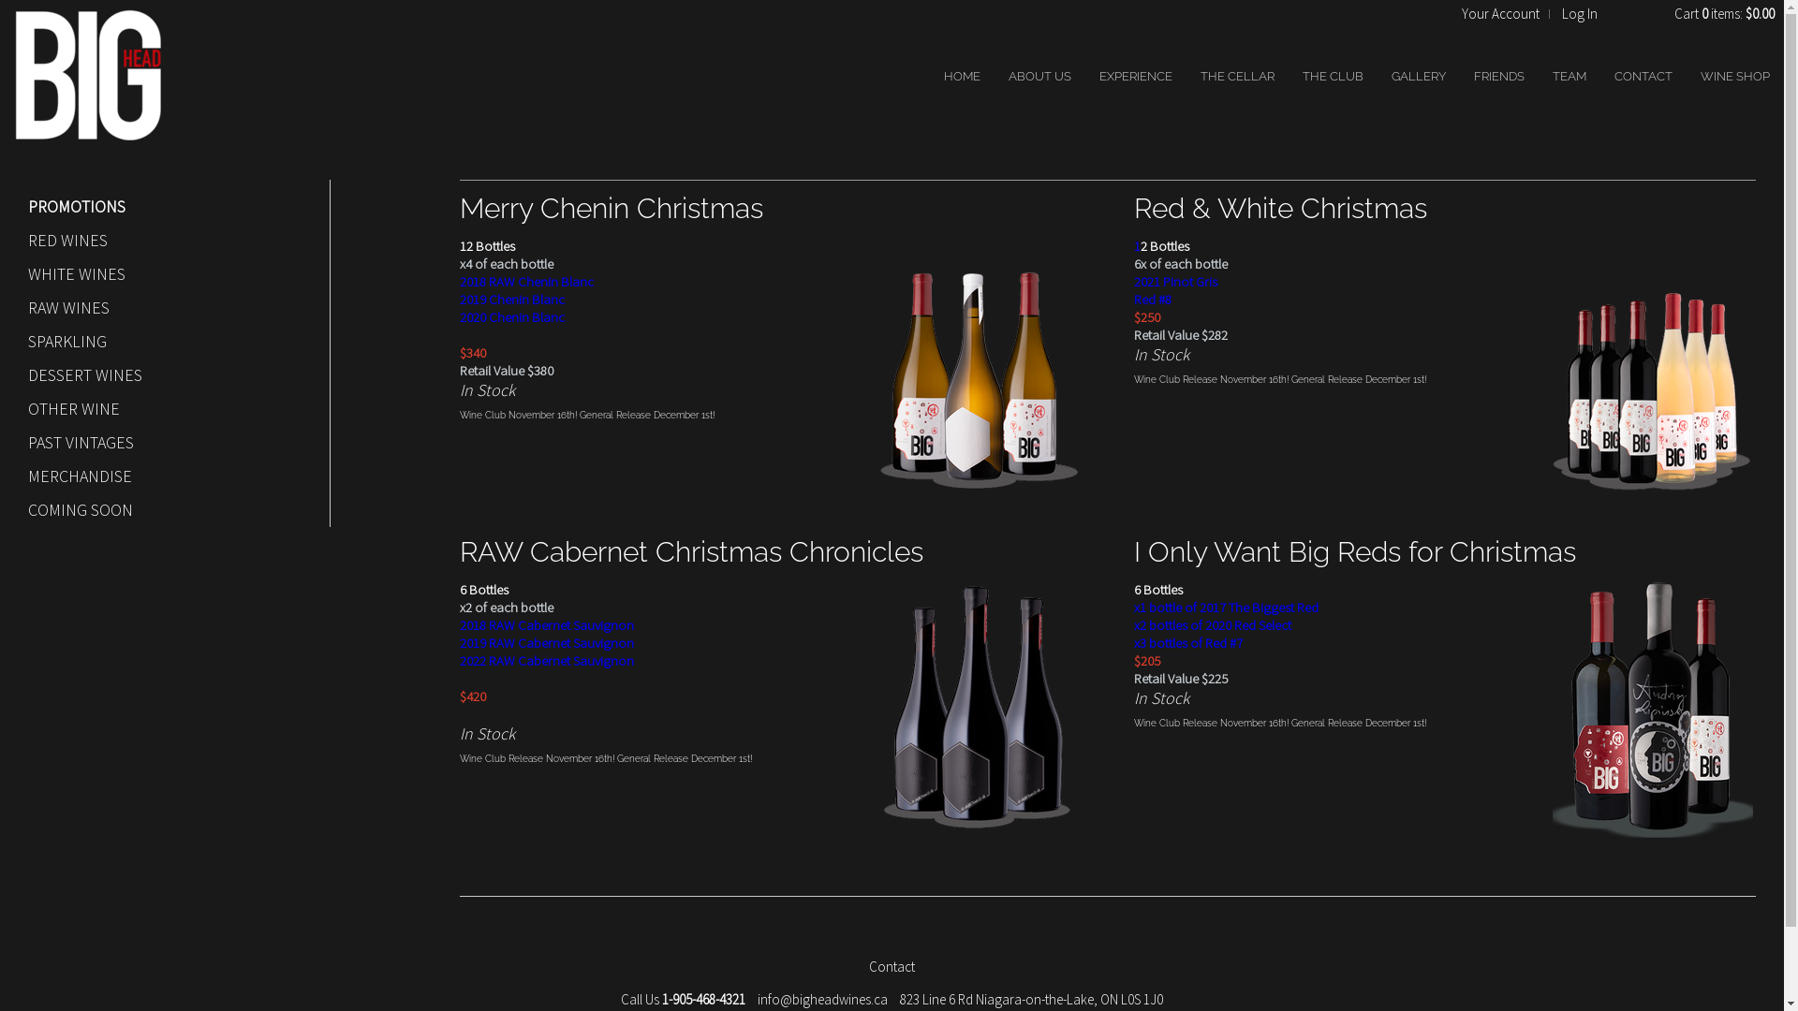  What do you see at coordinates (1500, 13) in the screenshot?
I see `'Your Account'` at bounding box center [1500, 13].